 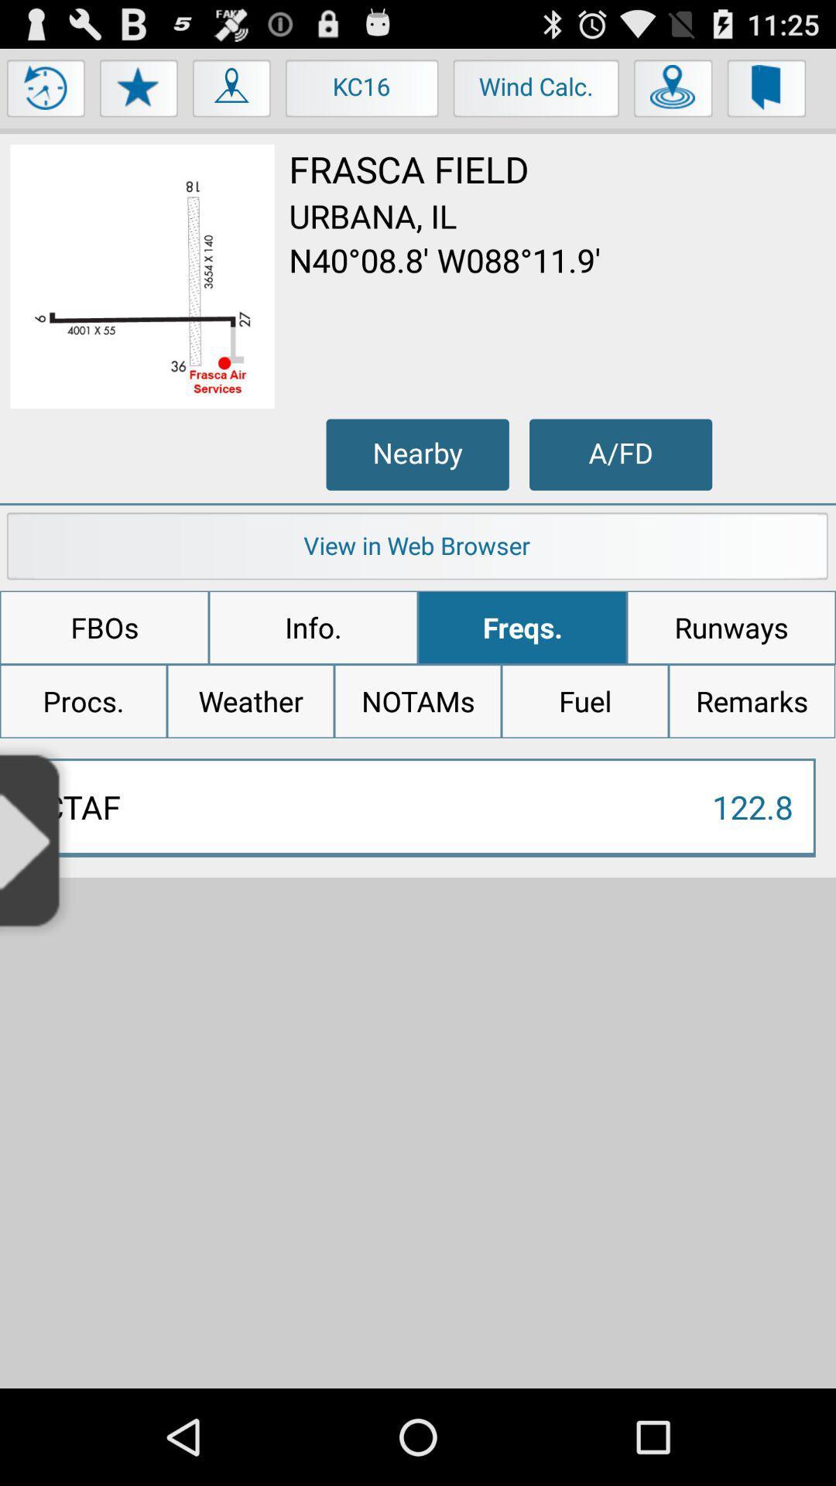 What do you see at coordinates (250, 700) in the screenshot?
I see `weather` at bounding box center [250, 700].